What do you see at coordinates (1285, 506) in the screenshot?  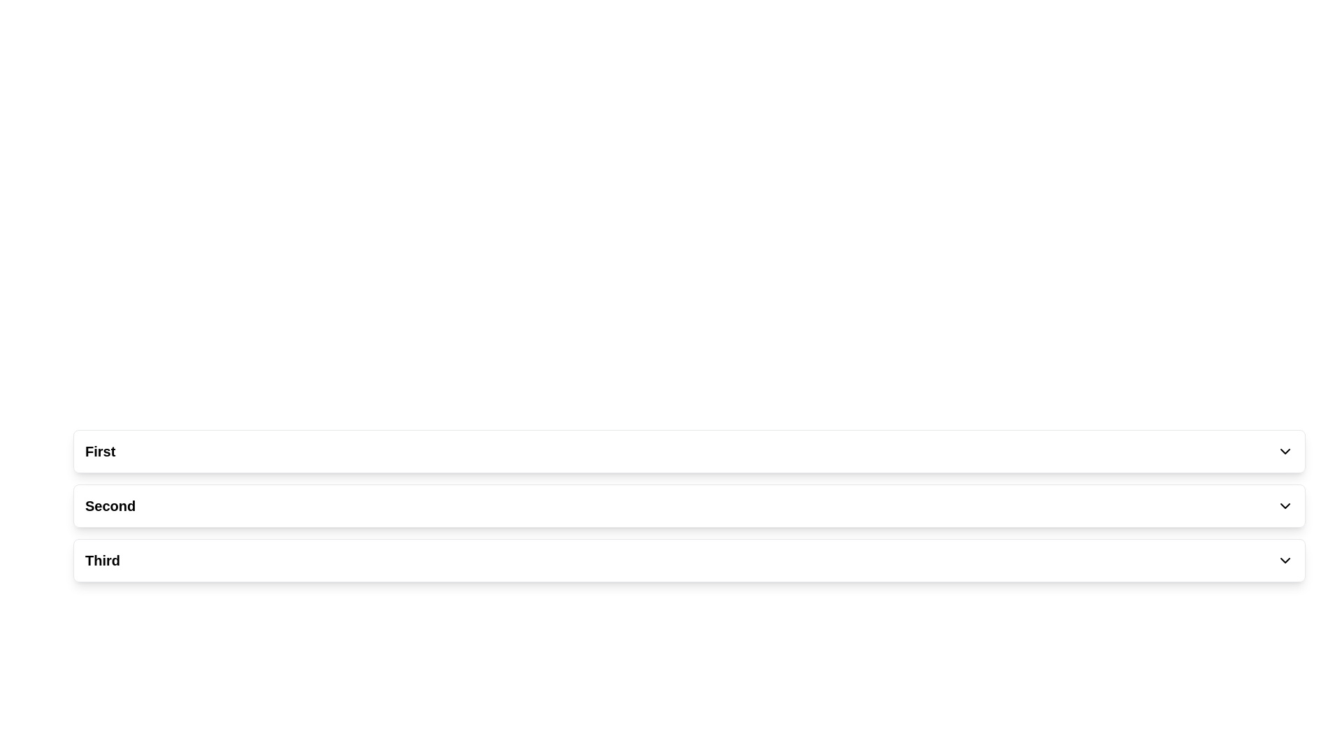 I see `the dropdown toggle button located on the right side of the 'Second' row` at bounding box center [1285, 506].